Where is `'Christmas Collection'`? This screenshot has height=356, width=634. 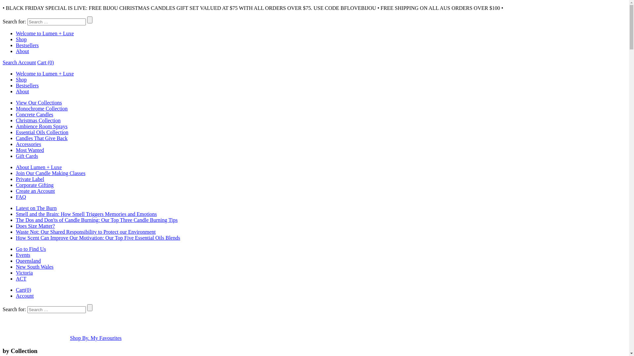
'Christmas Collection' is located at coordinates (38, 120).